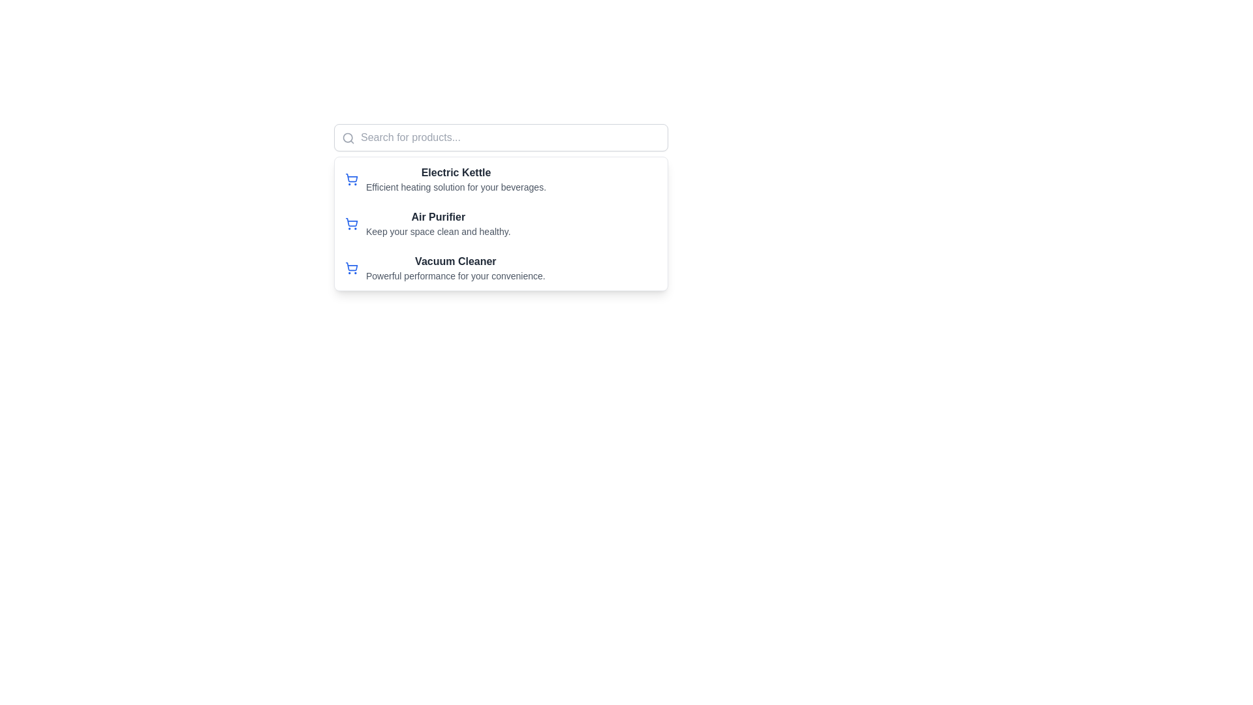  What do you see at coordinates (501, 179) in the screenshot?
I see `the first entry in the vertical list that provides a preview description for the product 'Electric Kettle'` at bounding box center [501, 179].